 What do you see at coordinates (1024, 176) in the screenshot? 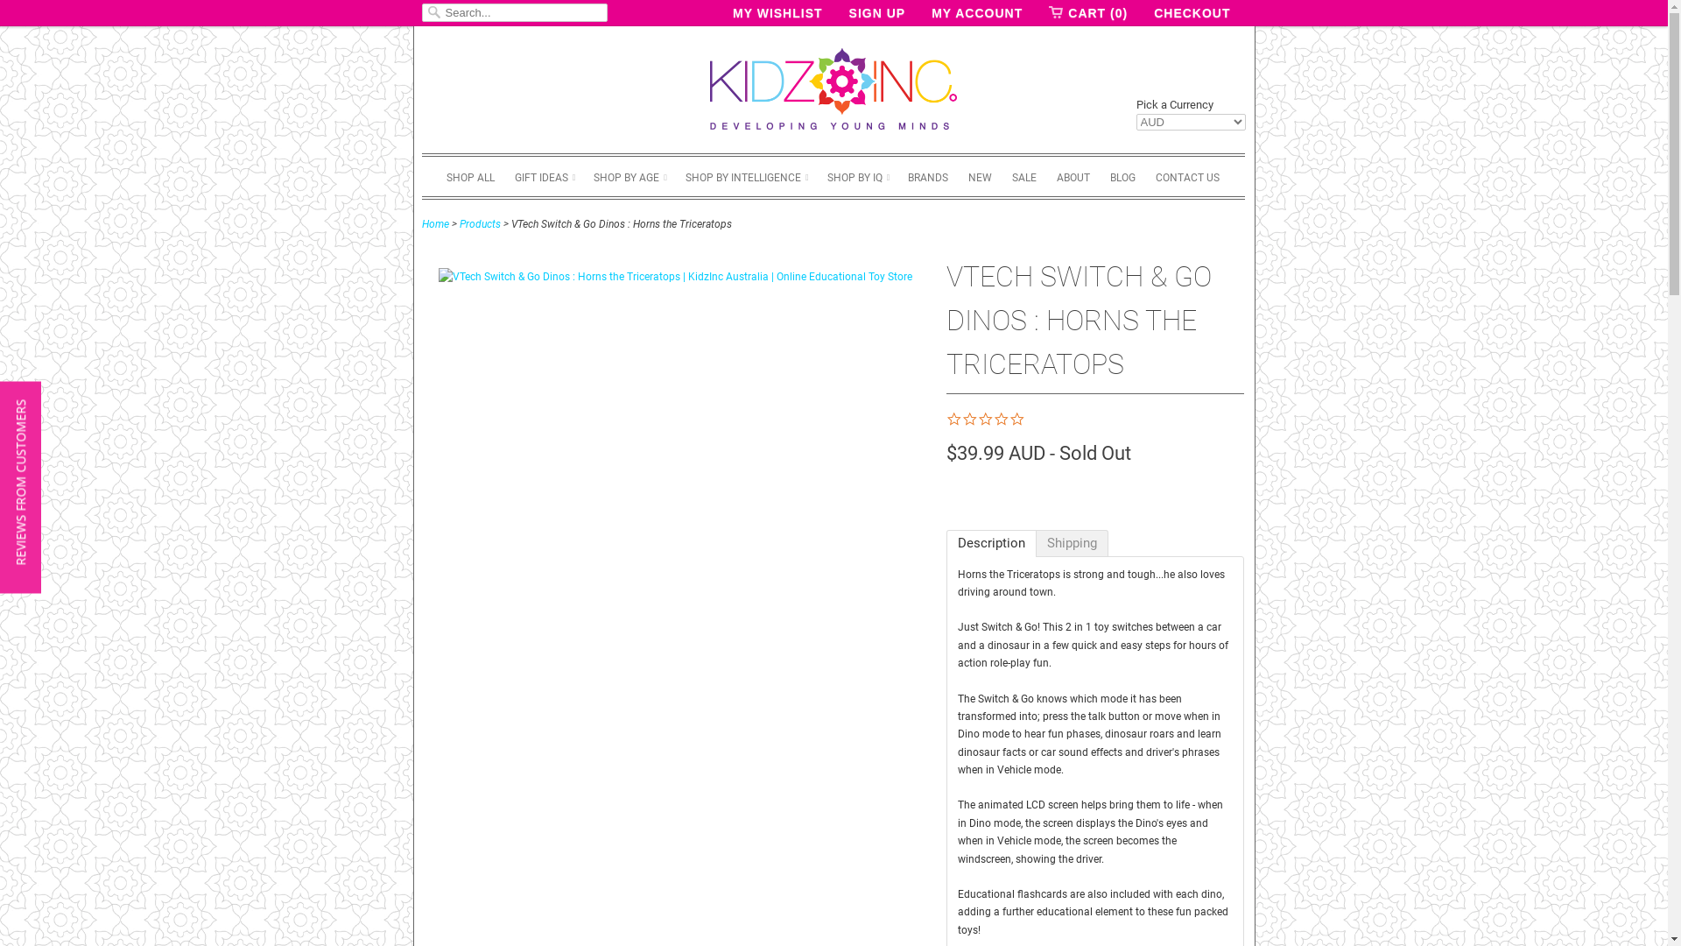
I see `'SALE'` at bounding box center [1024, 176].